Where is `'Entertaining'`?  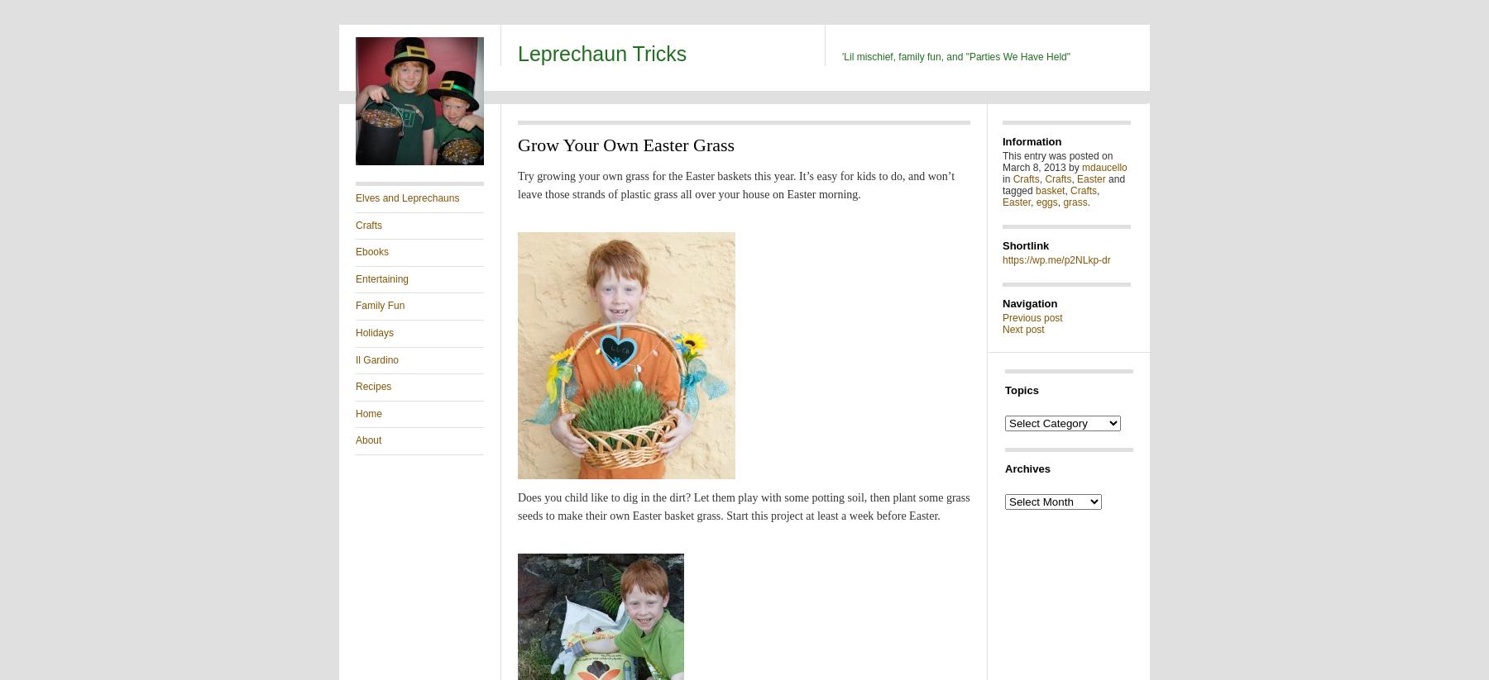 'Entertaining' is located at coordinates (381, 278).